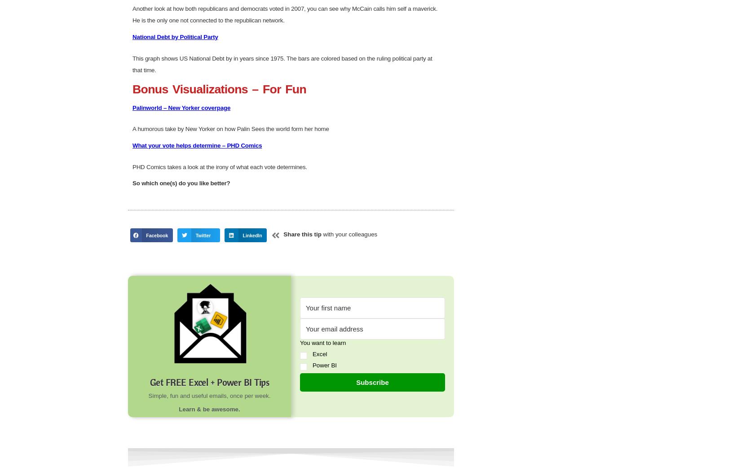  What do you see at coordinates (207, 92) in the screenshot?
I see `'How republican and democratic senators voted in 2007'` at bounding box center [207, 92].